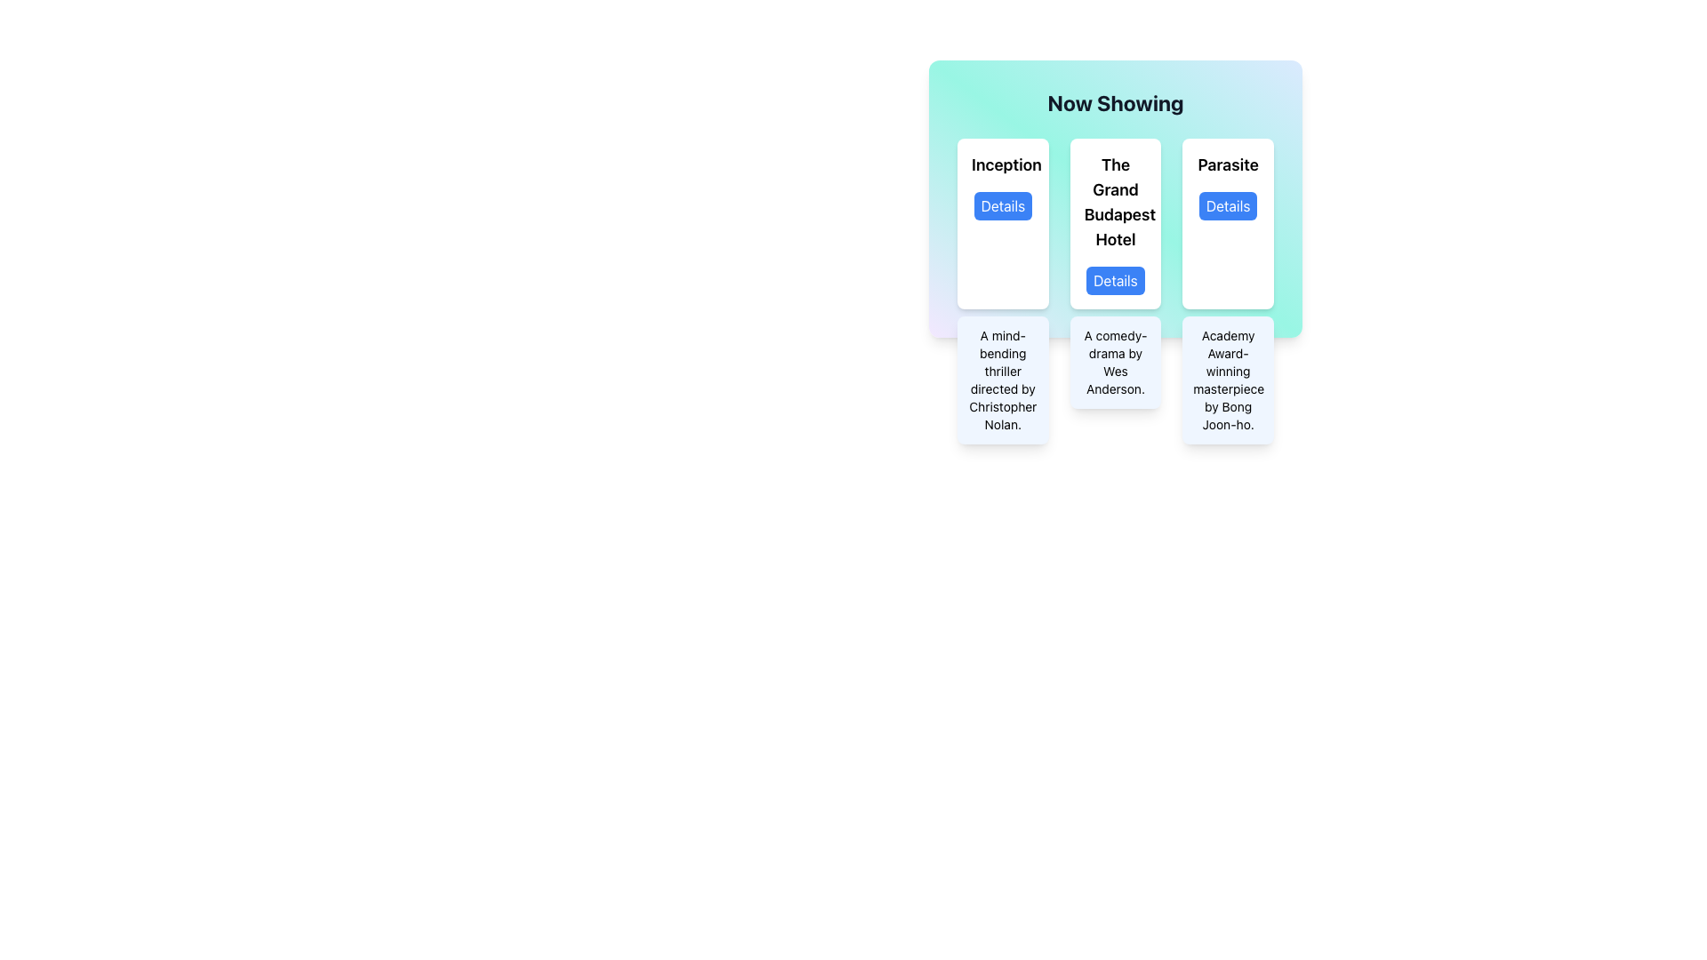 This screenshot has width=1707, height=960. What do you see at coordinates (1114, 362) in the screenshot?
I see `the tooltip-style box with a light blue background that contains the text 'A comedy-drama by Wes Anderson.'` at bounding box center [1114, 362].